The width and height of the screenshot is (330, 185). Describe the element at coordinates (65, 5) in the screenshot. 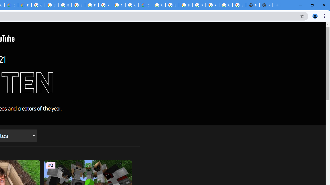

I see `'Browse Chrome as a guest - Computer - Google Chrome Help'` at that location.